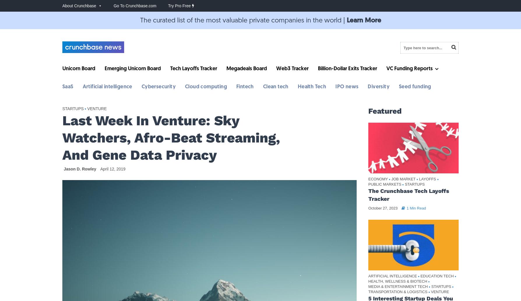  What do you see at coordinates (275, 87) in the screenshot?
I see `'Clean tech'` at bounding box center [275, 87].